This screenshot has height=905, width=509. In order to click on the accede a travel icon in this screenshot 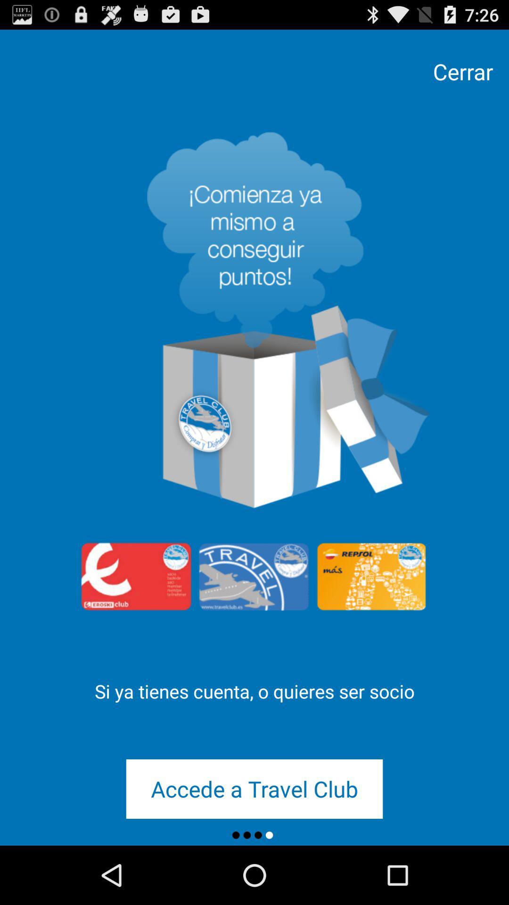, I will do `click(254, 789)`.